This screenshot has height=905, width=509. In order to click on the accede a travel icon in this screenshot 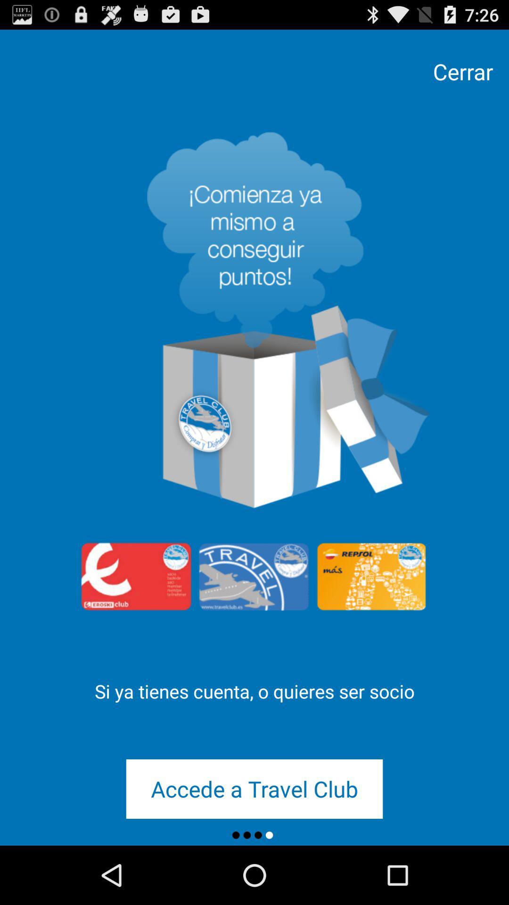, I will do `click(254, 789)`.